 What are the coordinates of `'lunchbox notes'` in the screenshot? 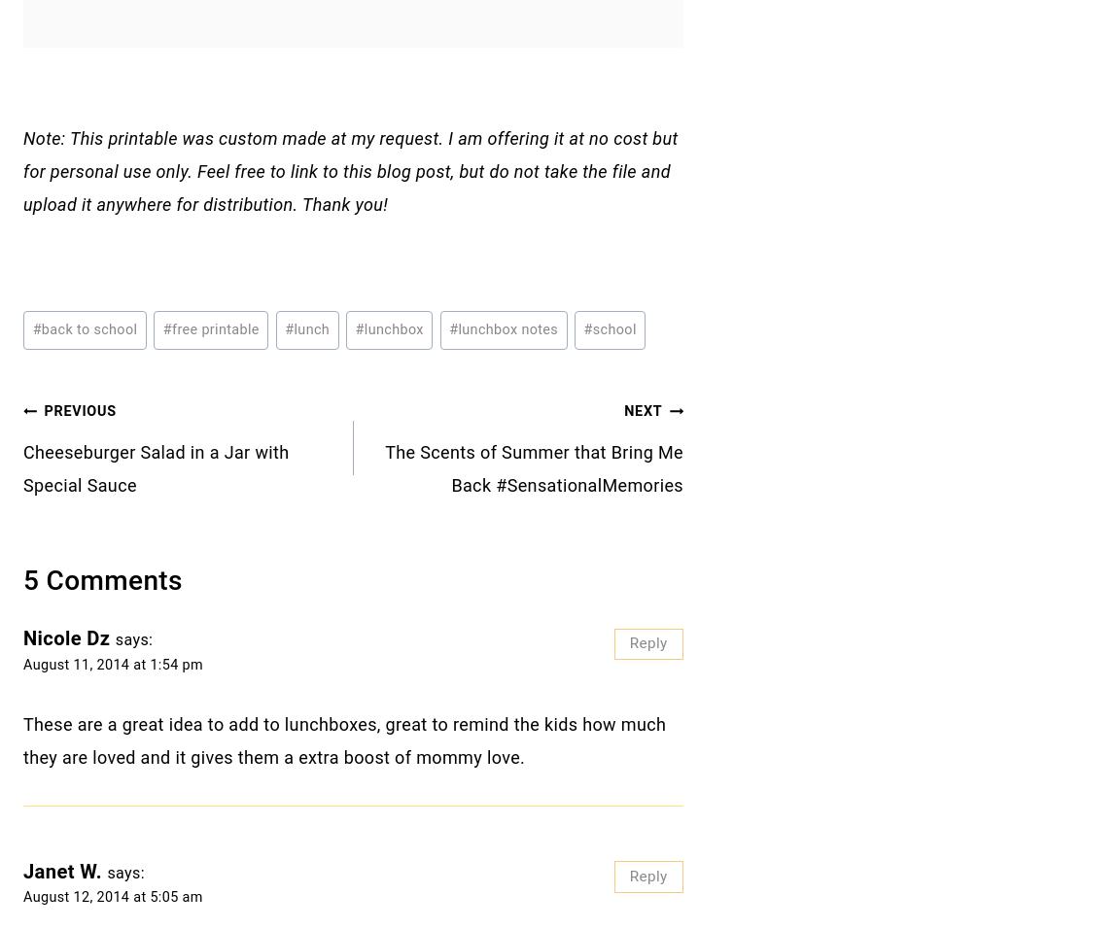 It's located at (507, 328).